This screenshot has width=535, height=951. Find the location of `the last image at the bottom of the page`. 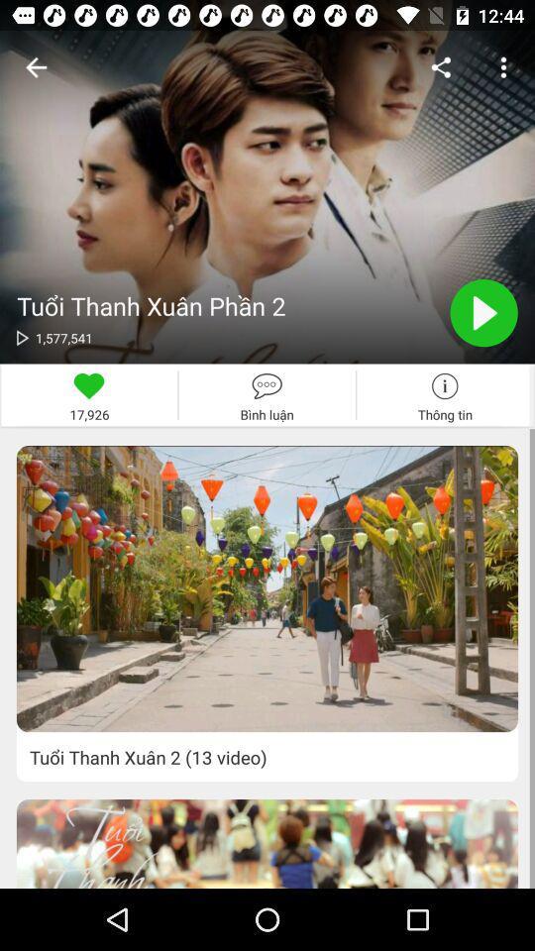

the last image at the bottom of the page is located at coordinates (267, 843).